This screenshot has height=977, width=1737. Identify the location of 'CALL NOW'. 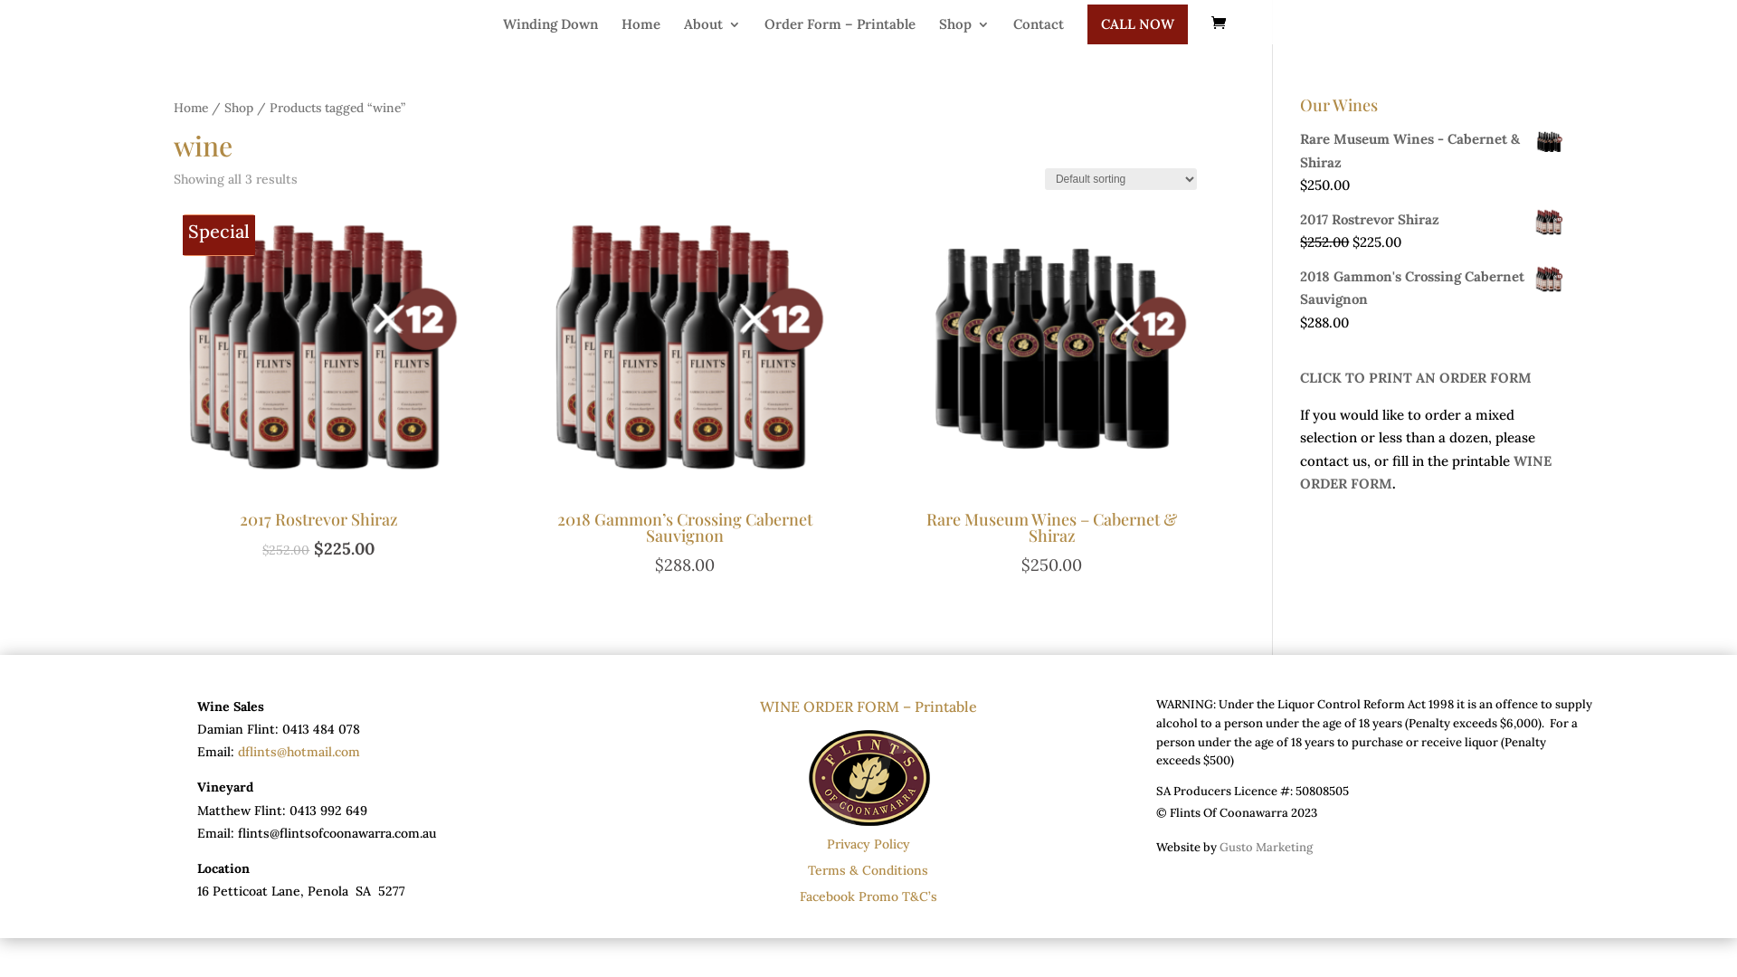
(1086, 24).